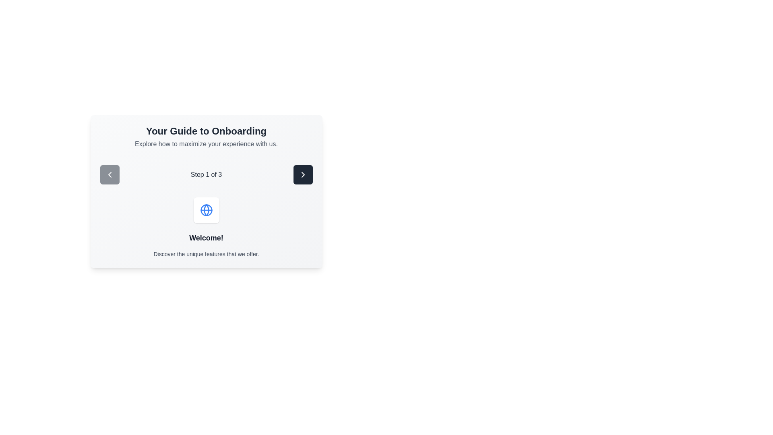 This screenshot has width=773, height=435. Describe the element at coordinates (302, 174) in the screenshot. I see `the 'Next' navigation button located in the bottom-right corner of the interface` at that location.